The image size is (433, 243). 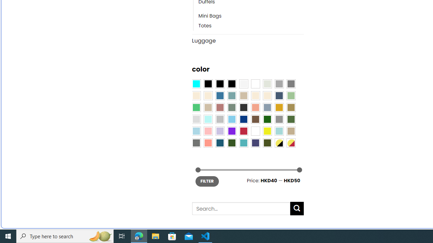 What do you see at coordinates (244, 107) in the screenshot?
I see `'Charcoal'` at bounding box center [244, 107].